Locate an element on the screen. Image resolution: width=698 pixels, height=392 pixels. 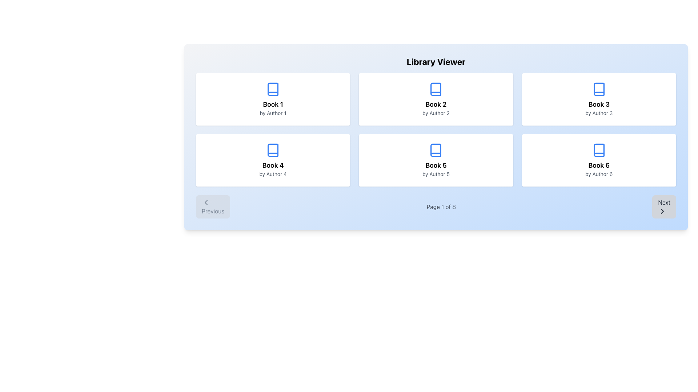
the text label displaying 'by Author 5' located beneath the title 'Book 5' in the card representing 'Book 5', which is the fifth card in the grid layout is located at coordinates (436, 174).